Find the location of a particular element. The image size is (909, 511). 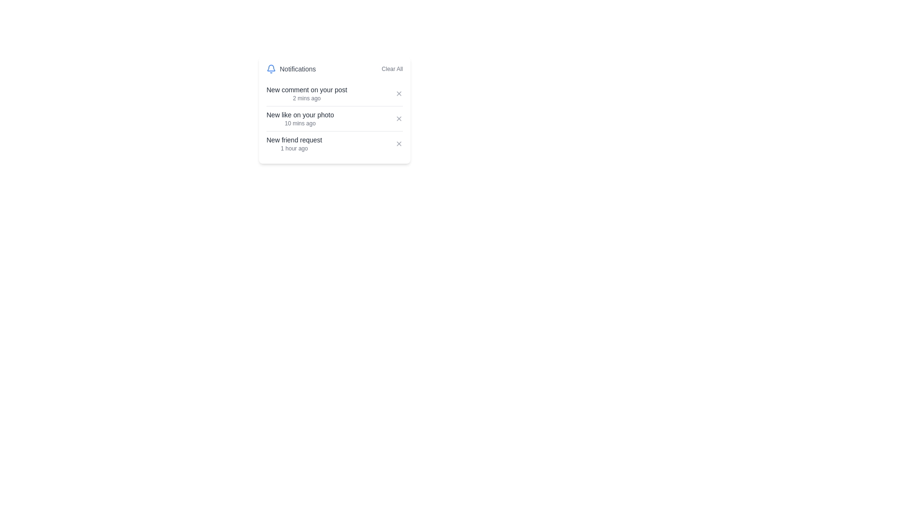

the second notification in the notification panel is located at coordinates (334, 118).